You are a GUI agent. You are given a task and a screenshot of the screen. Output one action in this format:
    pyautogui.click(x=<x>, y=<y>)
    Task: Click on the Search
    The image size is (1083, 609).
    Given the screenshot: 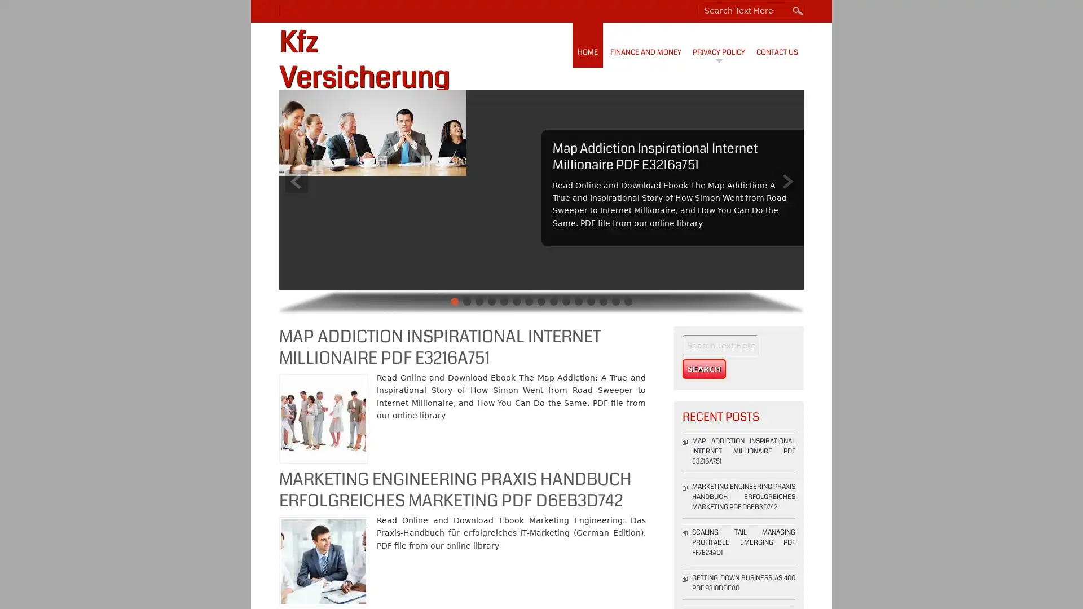 What is the action you would take?
    pyautogui.click(x=703, y=369)
    